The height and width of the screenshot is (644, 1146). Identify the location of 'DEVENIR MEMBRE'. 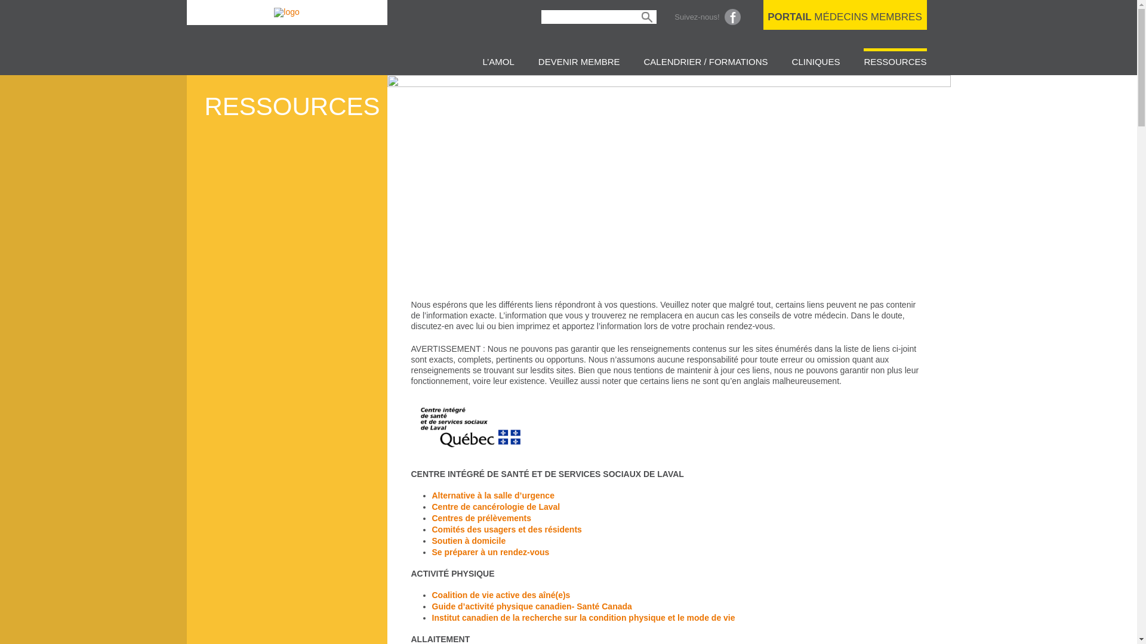
(579, 60).